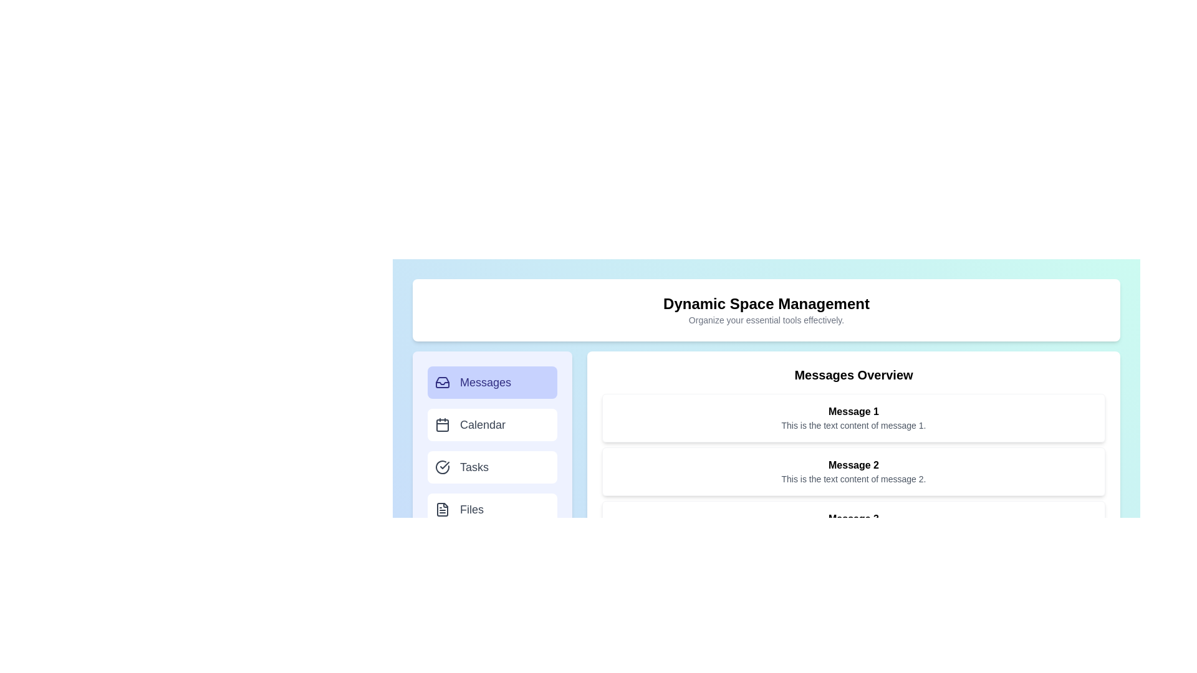  I want to click on the 'Files' button located at the bottom of the sidebar, so click(492, 509).